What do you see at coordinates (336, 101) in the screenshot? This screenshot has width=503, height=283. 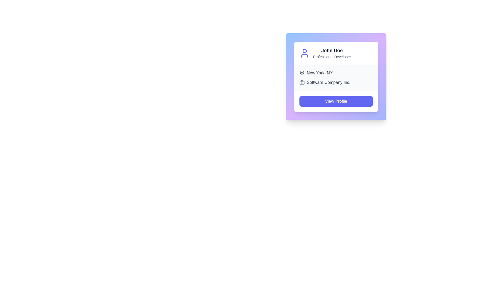 I see `the 'View Profile' button with bold white font on an indigo background to observe its hover effect` at bounding box center [336, 101].